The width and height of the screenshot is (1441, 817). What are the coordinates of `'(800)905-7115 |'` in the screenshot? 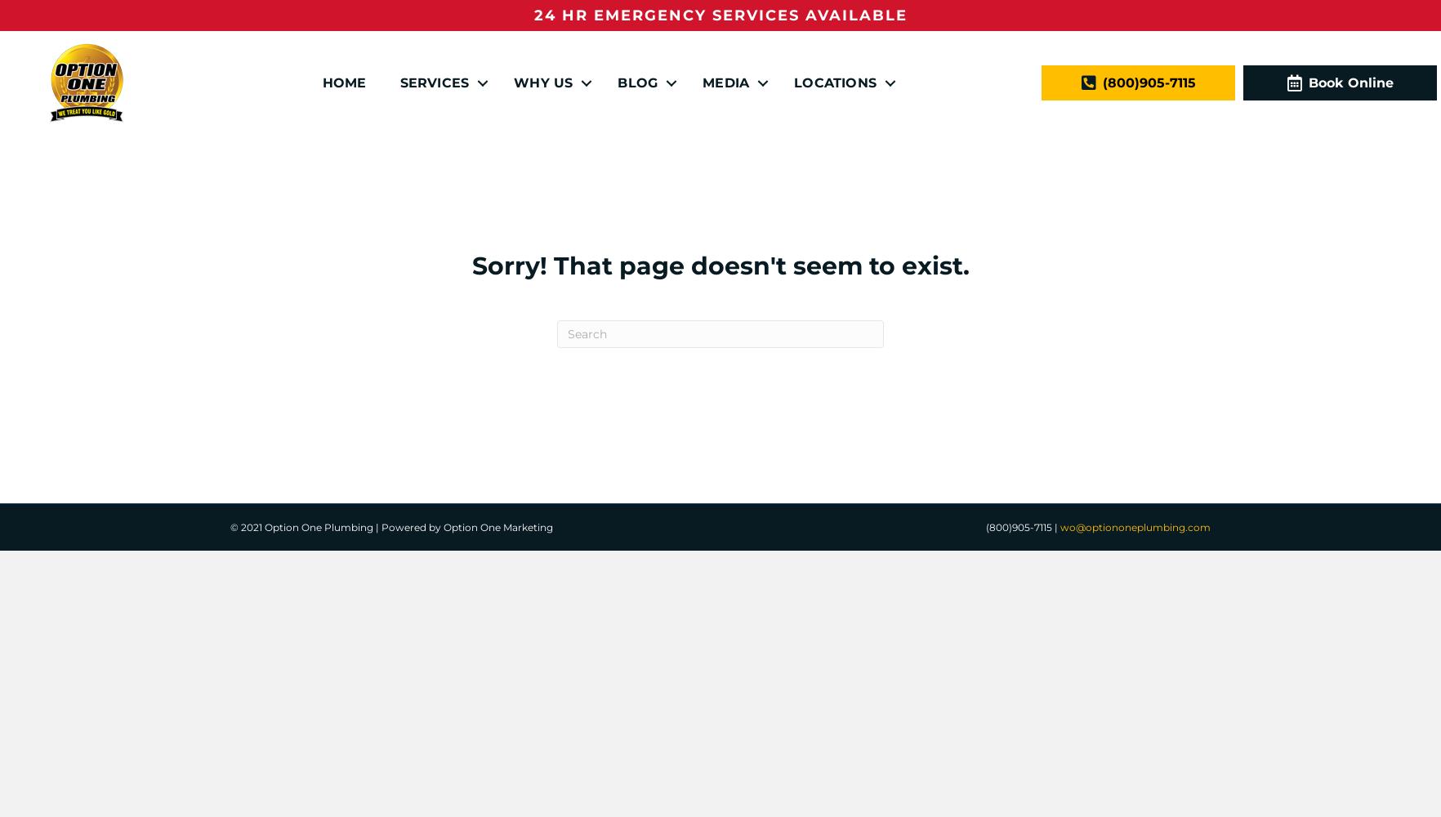 It's located at (1023, 527).